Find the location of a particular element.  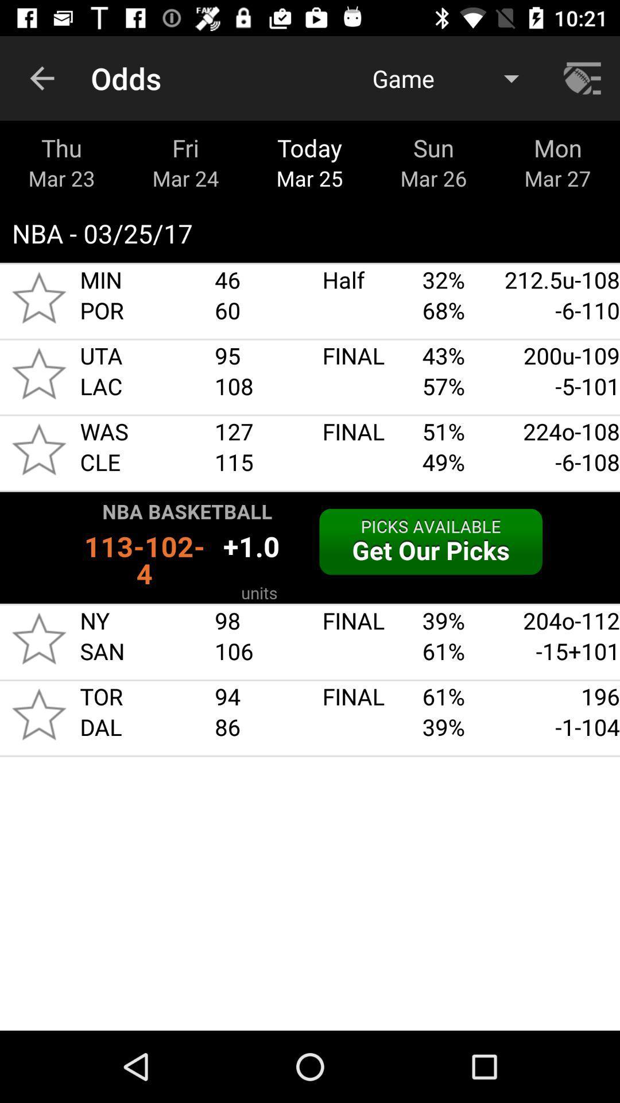

to favorites is located at coordinates (38, 449).